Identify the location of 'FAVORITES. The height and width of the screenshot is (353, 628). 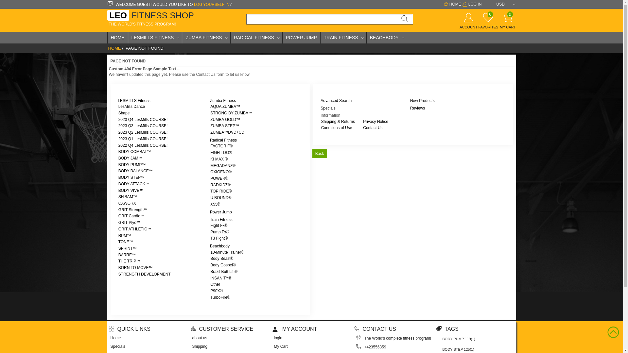
(488, 23).